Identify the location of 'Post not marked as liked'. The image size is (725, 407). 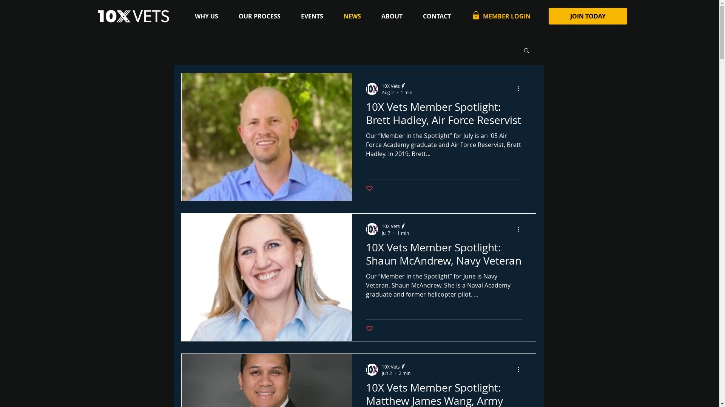
(369, 328).